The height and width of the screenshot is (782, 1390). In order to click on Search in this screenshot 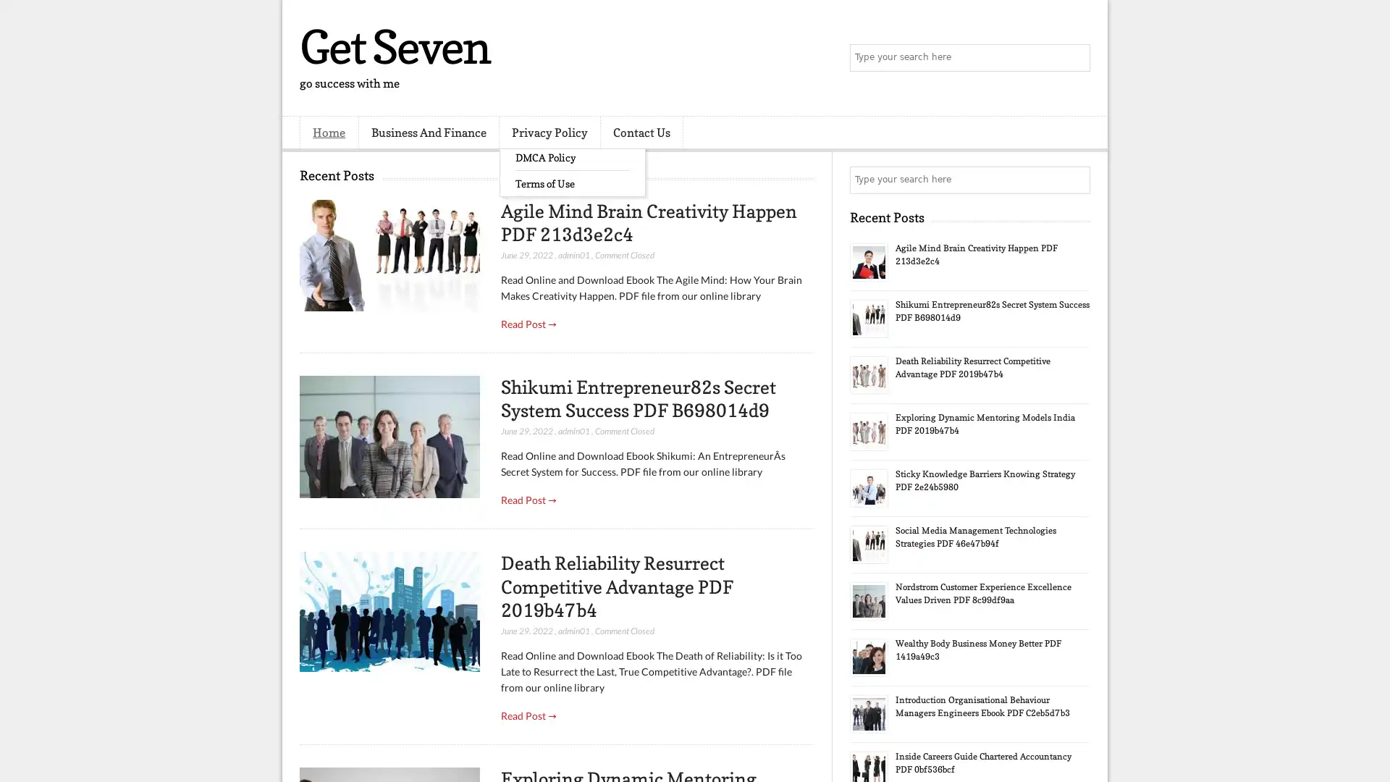, I will do `click(1075, 58)`.